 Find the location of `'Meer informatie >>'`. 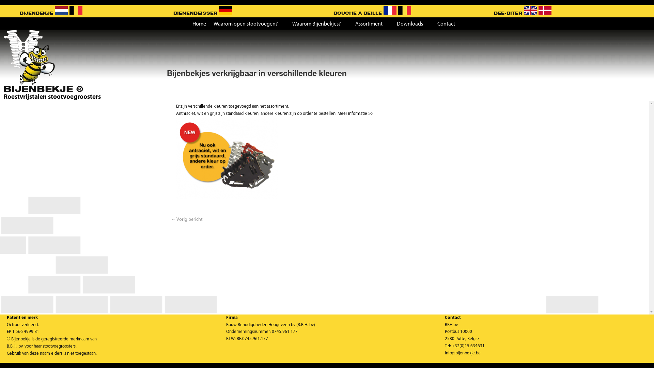

'Meer informatie >>' is located at coordinates (355, 113).